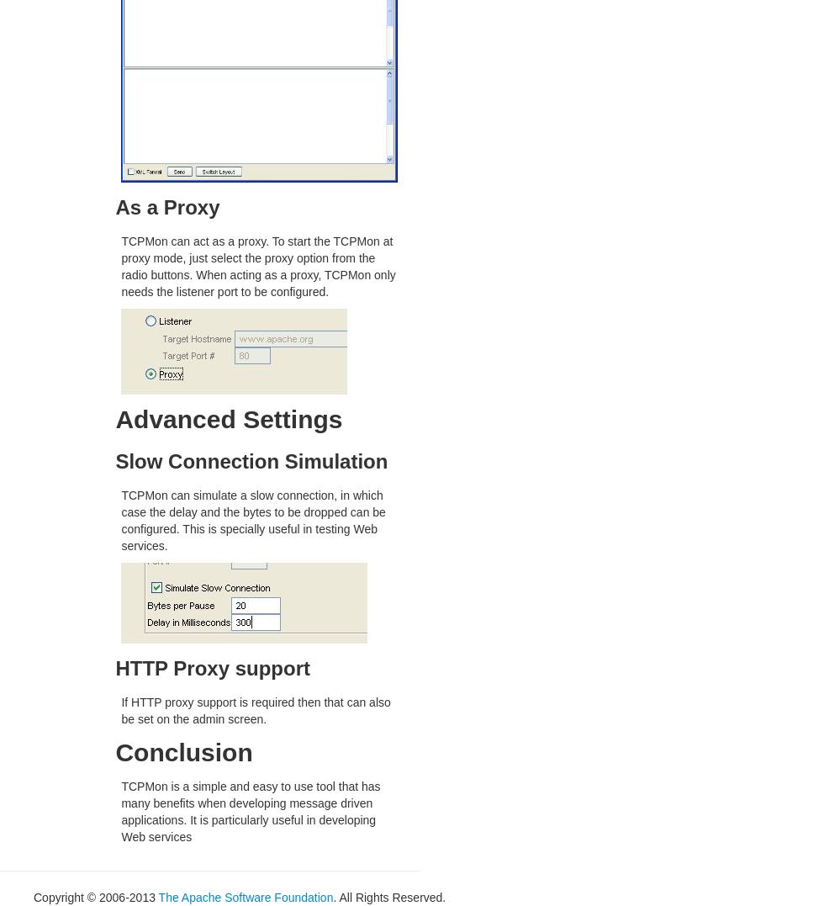 The width and height of the screenshot is (824, 906). Describe the element at coordinates (95, 897) in the screenshot. I see `'Copyright ©                    2006-2013'` at that location.